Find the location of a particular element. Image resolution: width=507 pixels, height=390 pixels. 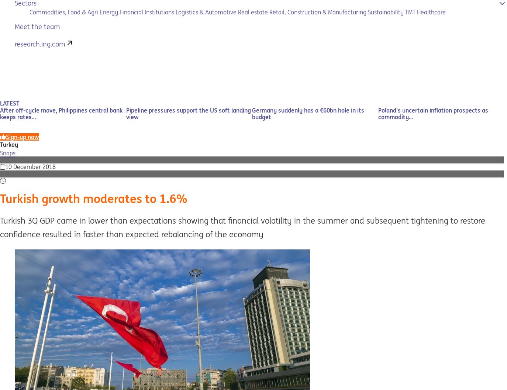

'After off-cycle move, Philippines central bank keeps rates…' is located at coordinates (61, 113).